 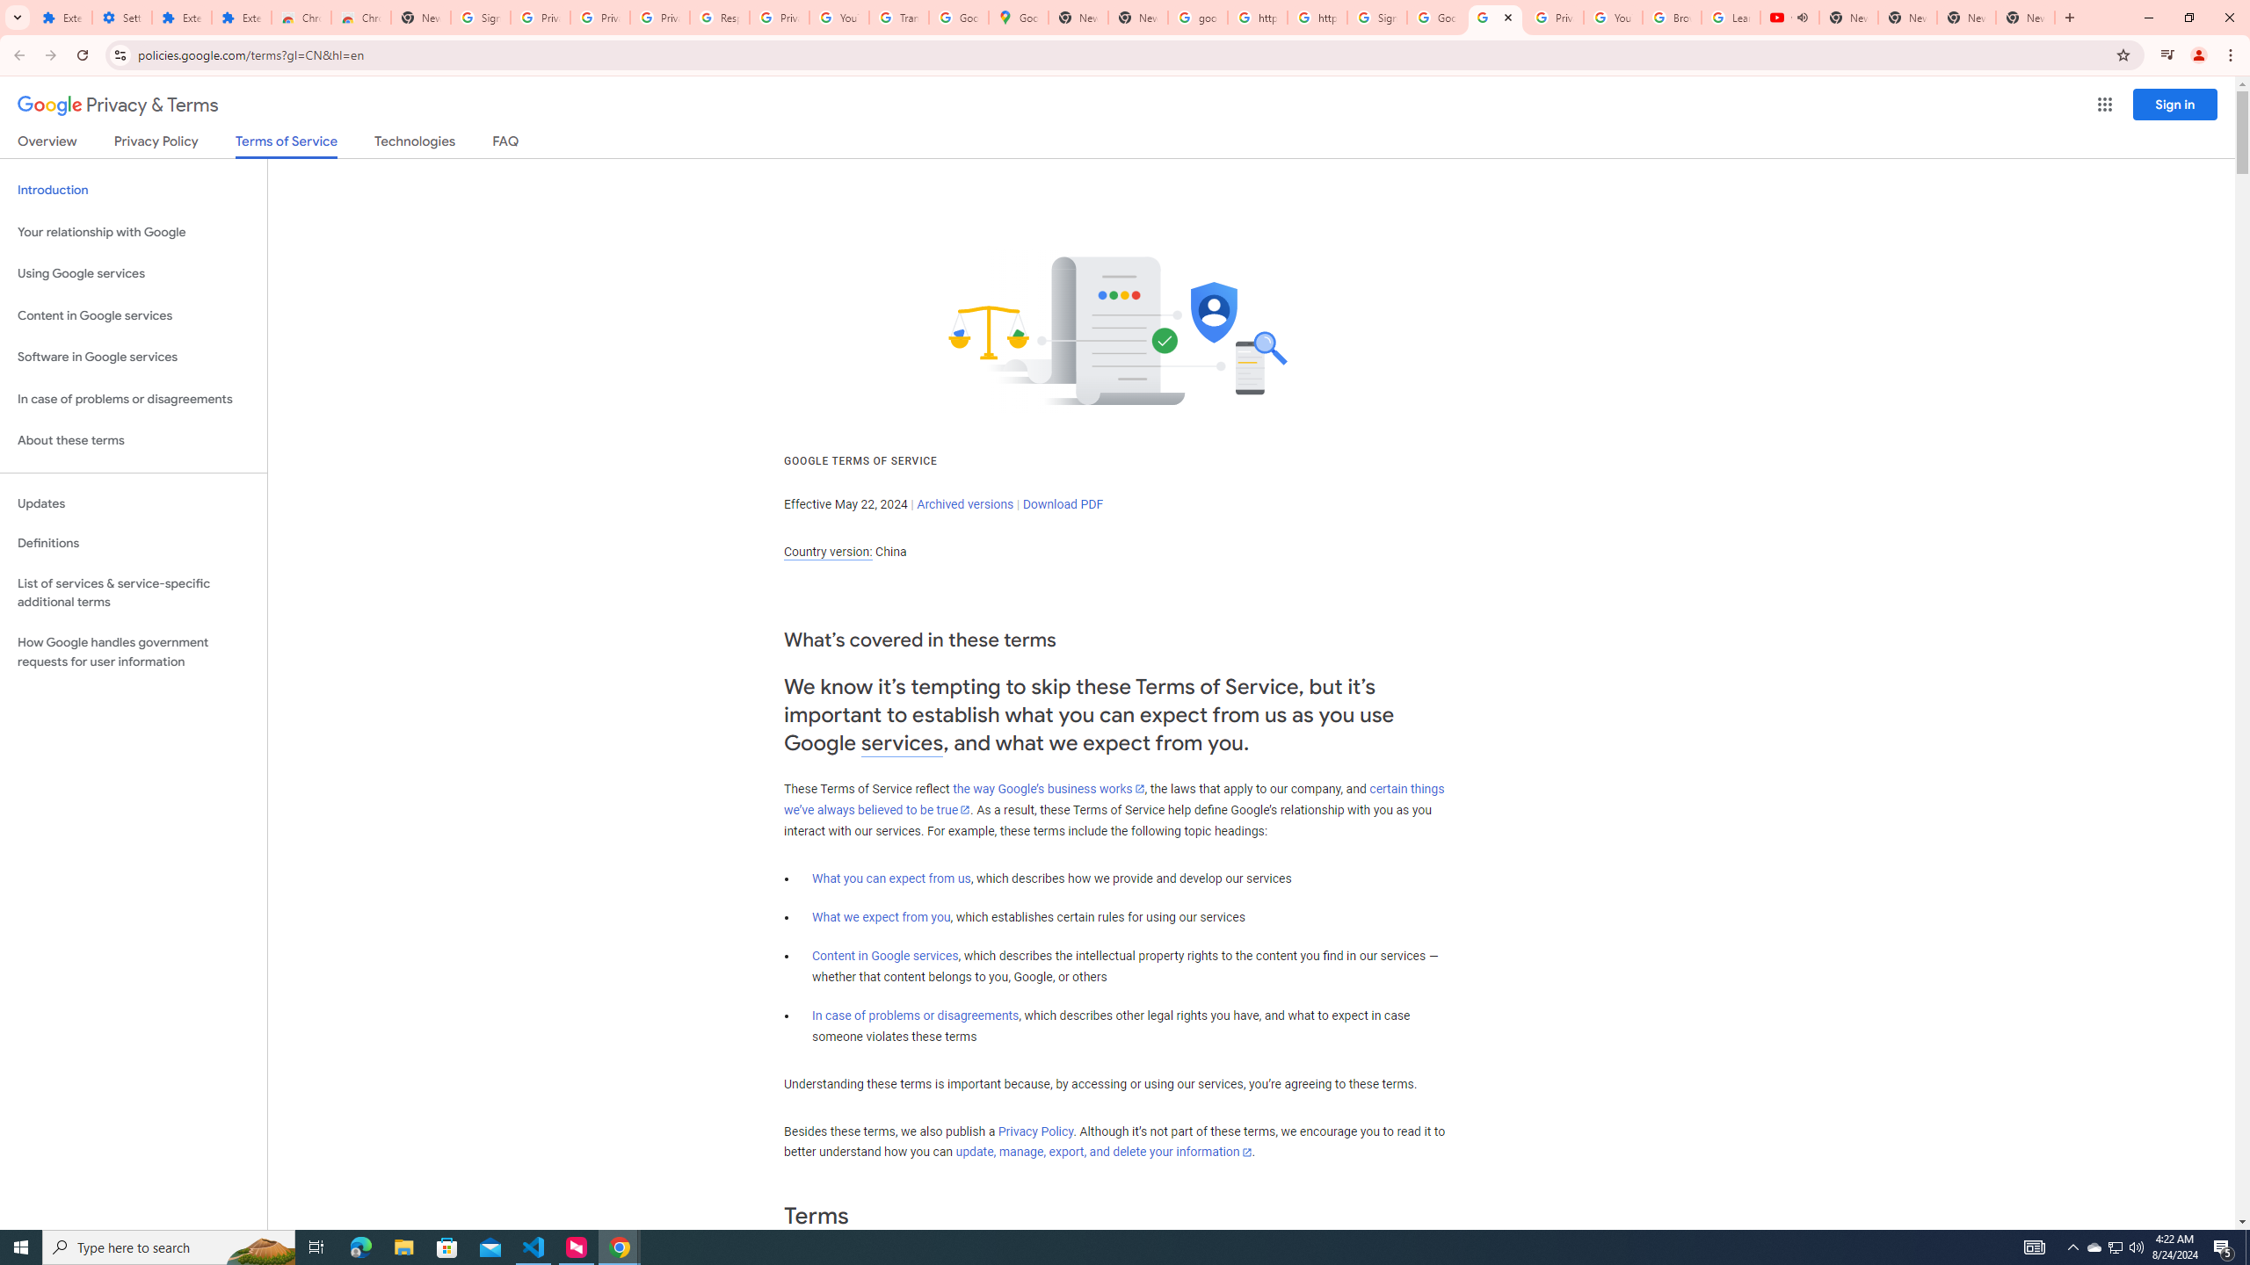 I want to click on 'https://scholar.google.com/', so click(x=1316, y=17).